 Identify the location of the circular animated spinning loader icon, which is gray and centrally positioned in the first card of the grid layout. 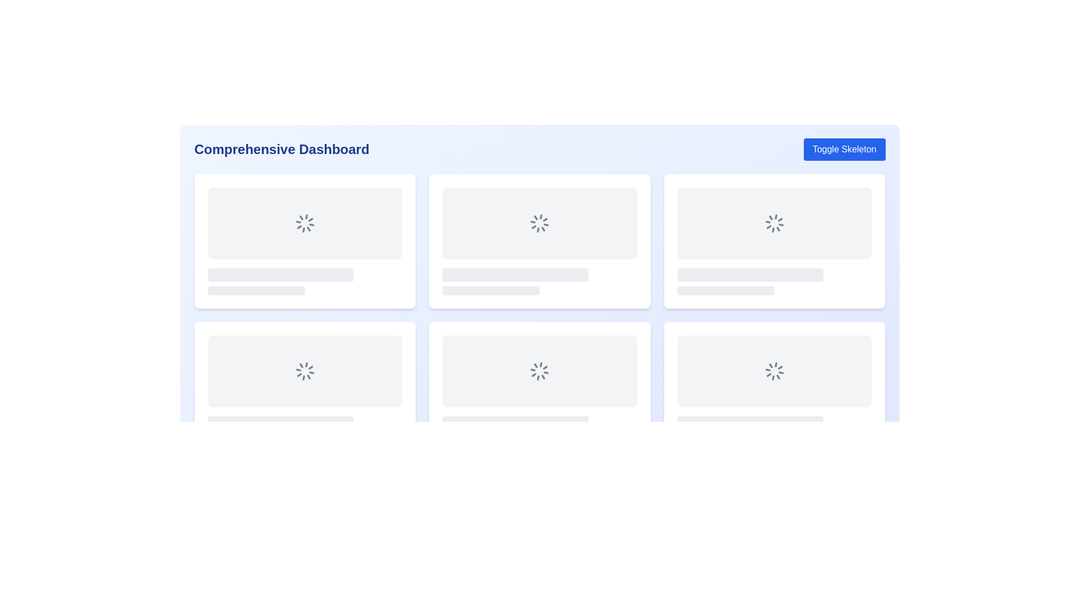
(305, 223).